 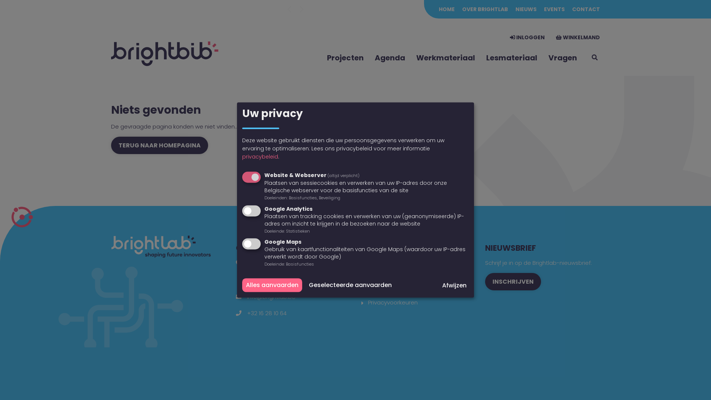 What do you see at coordinates (396, 289) in the screenshot?
I see `'Wettelijke informatie'` at bounding box center [396, 289].